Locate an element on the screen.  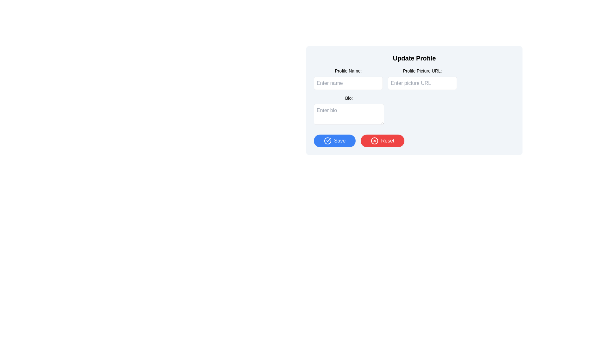
text of the label that provides context for the adjacent 'Enter bio' text area input field is located at coordinates (349, 98).